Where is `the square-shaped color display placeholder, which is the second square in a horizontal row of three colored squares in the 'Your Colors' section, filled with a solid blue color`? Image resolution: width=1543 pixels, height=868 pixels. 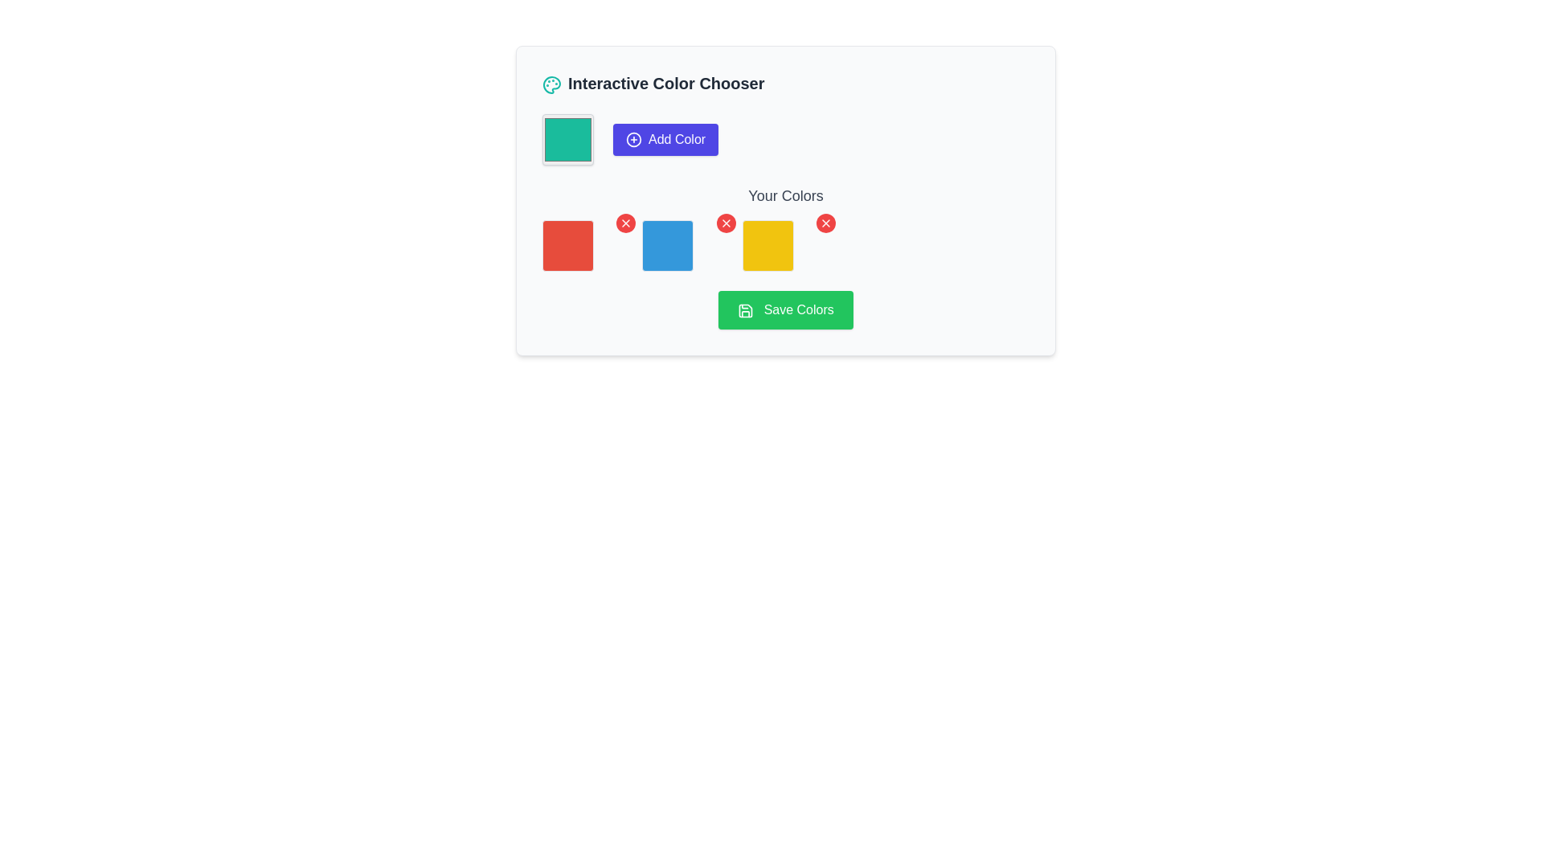
the square-shaped color display placeholder, which is the second square in a horizontal row of three colored squares in the 'Your Colors' section, filled with a solid blue color is located at coordinates (668, 245).